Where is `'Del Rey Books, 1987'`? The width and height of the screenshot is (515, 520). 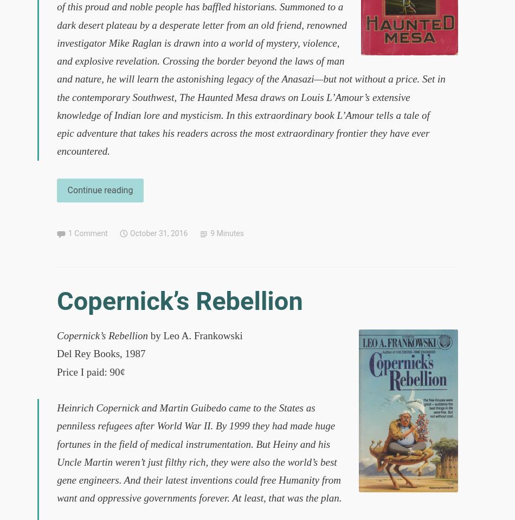
'Del Rey Books, 1987' is located at coordinates (101, 353).